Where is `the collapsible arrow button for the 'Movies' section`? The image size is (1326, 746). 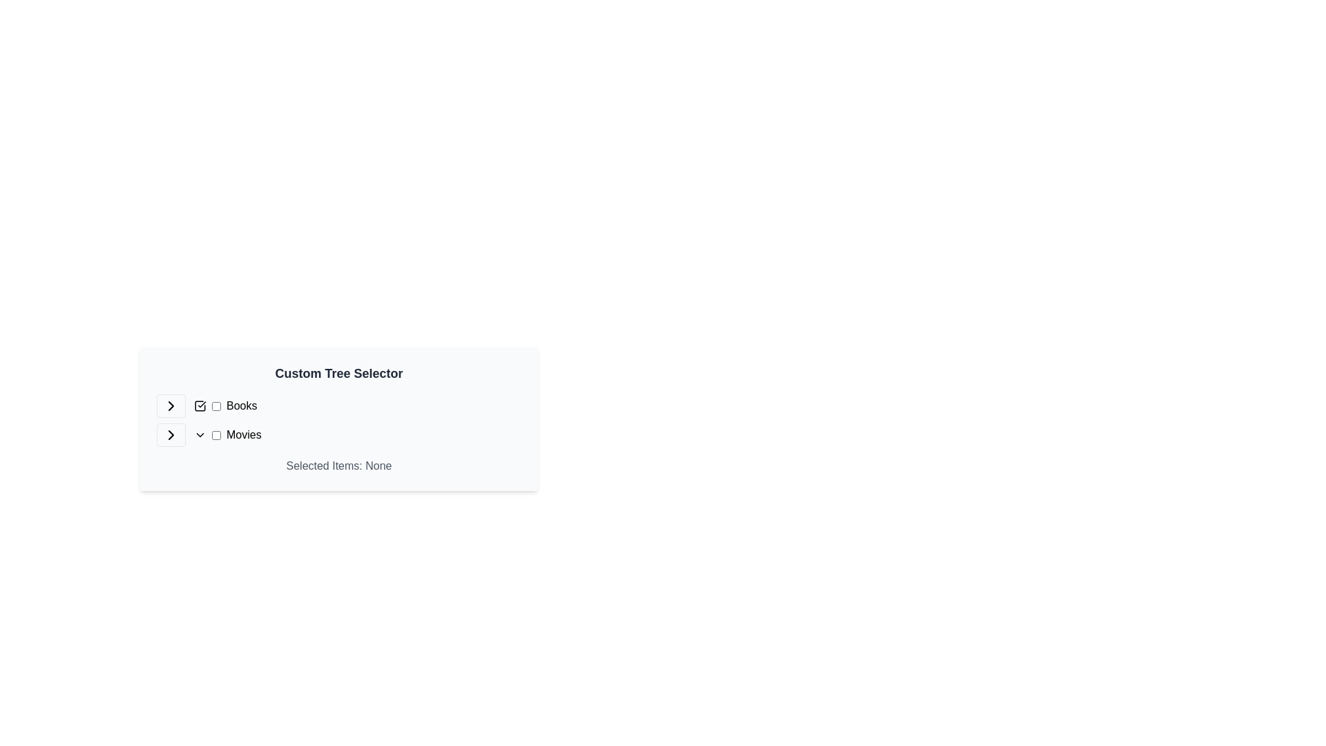 the collapsible arrow button for the 'Movies' section is located at coordinates (171, 434).